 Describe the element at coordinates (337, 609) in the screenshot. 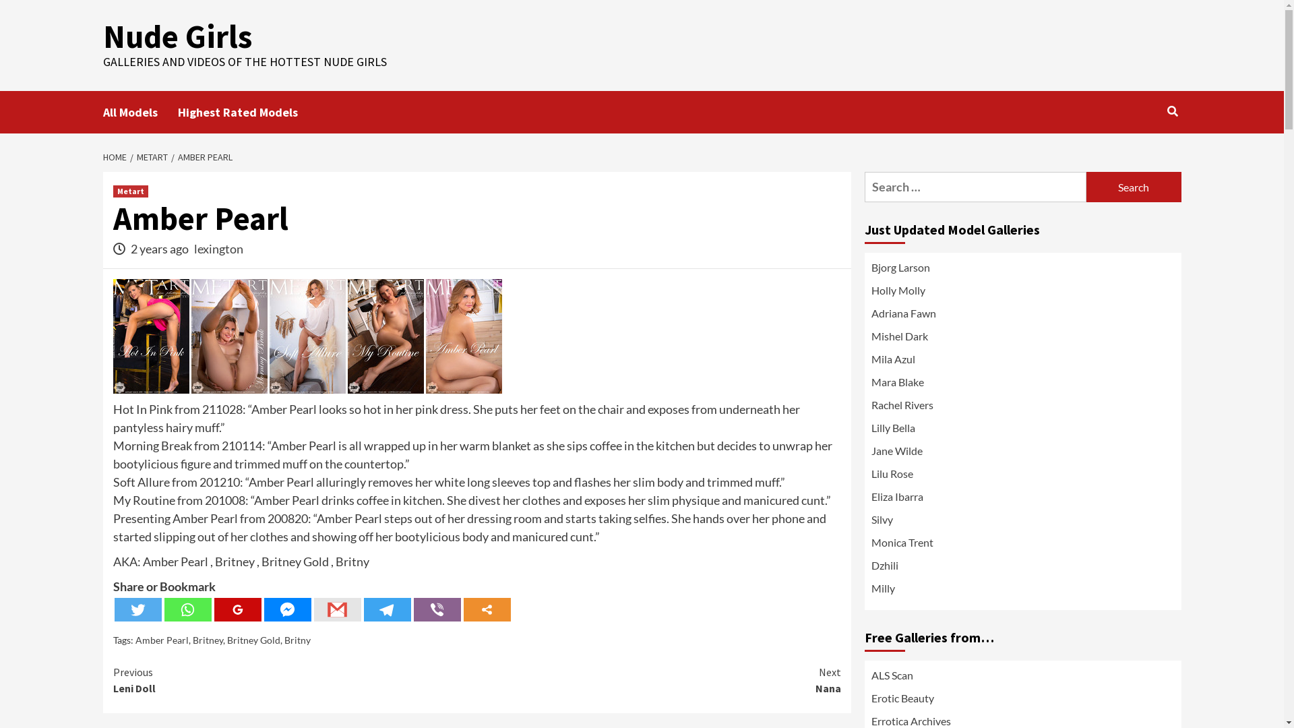

I see `'Google Gmail'` at that location.